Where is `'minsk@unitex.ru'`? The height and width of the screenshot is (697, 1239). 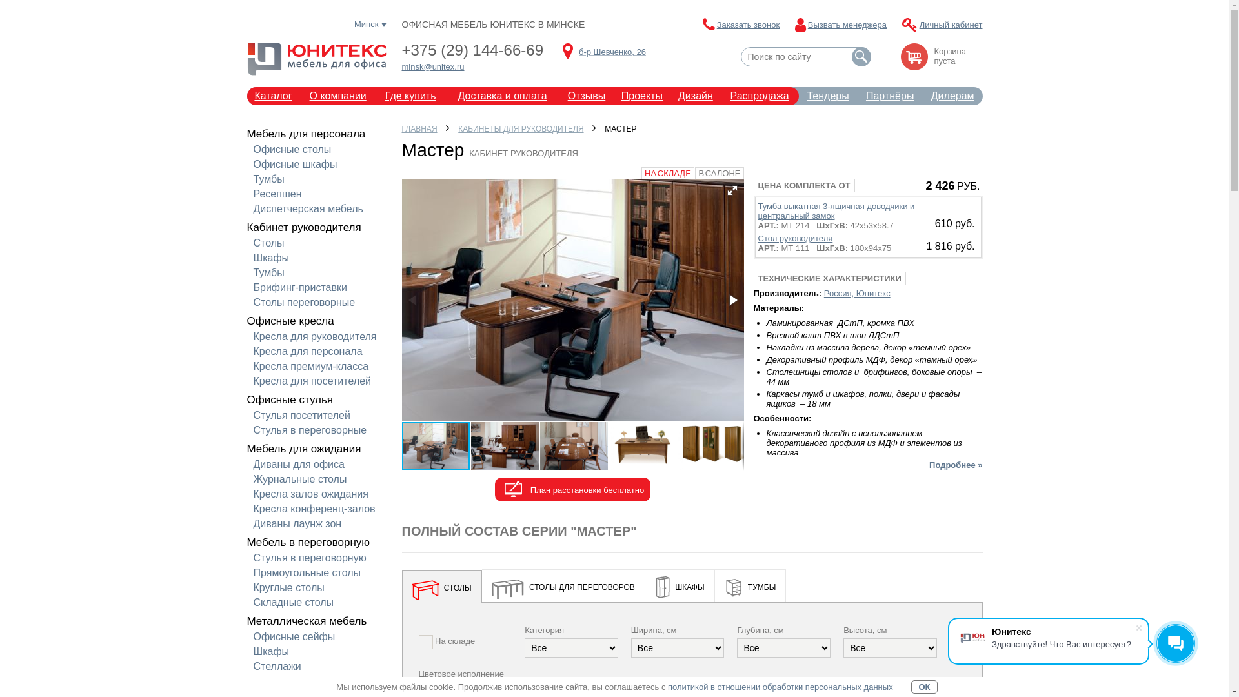 'minsk@unitex.ru' is located at coordinates (432, 66).